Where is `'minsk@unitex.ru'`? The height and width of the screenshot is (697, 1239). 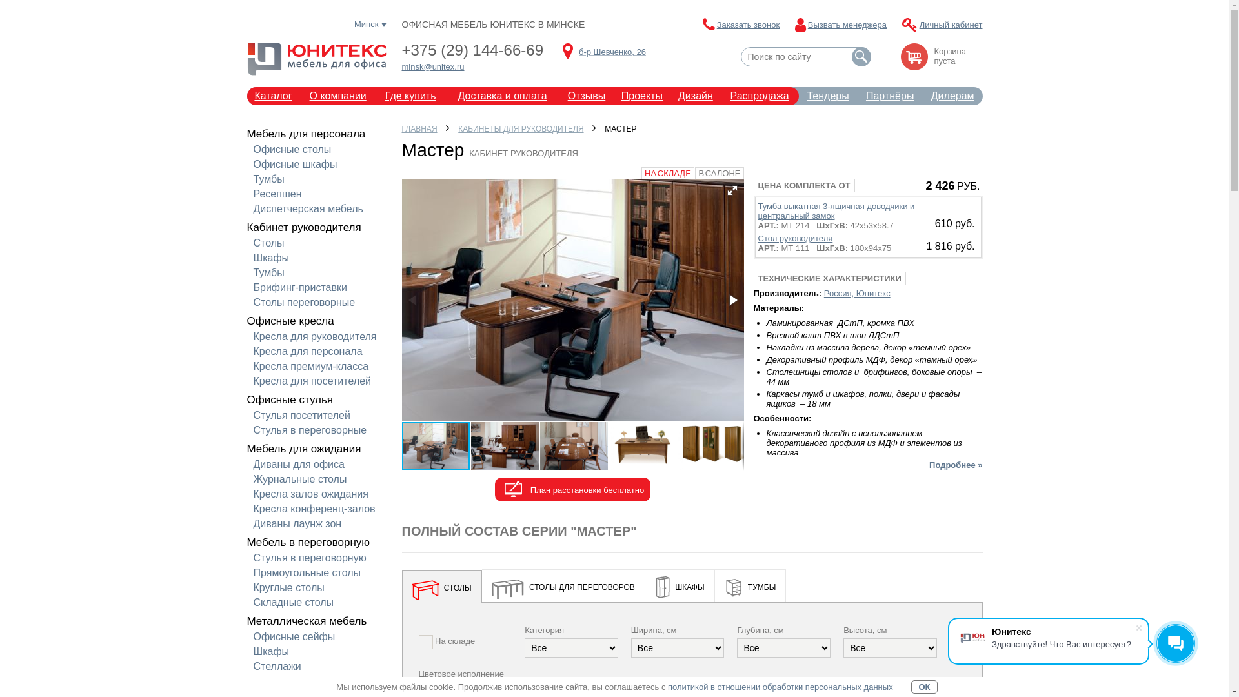 'minsk@unitex.ru' is located at coordinates (432, 66).